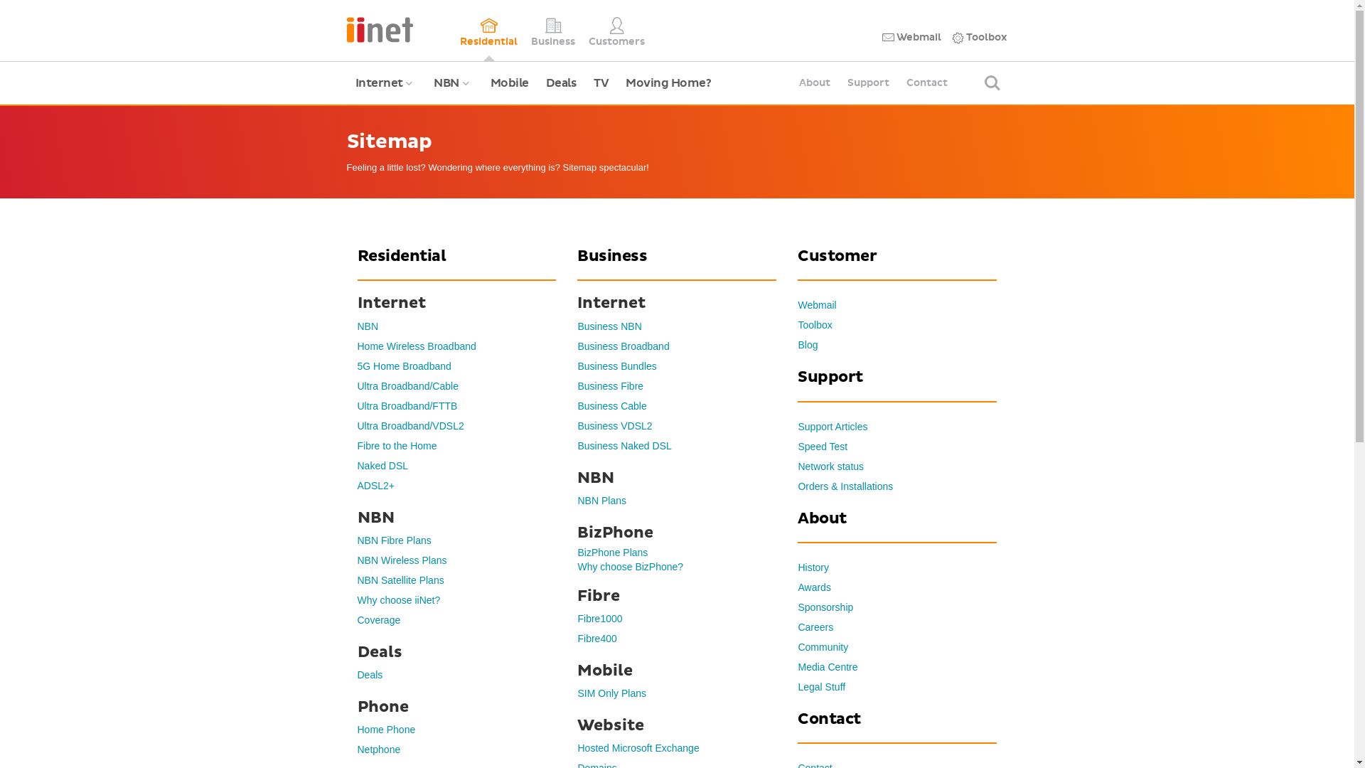 This screenshot has height=768, width=1365. I want to click on 'Media Centre', so click(827, 666).